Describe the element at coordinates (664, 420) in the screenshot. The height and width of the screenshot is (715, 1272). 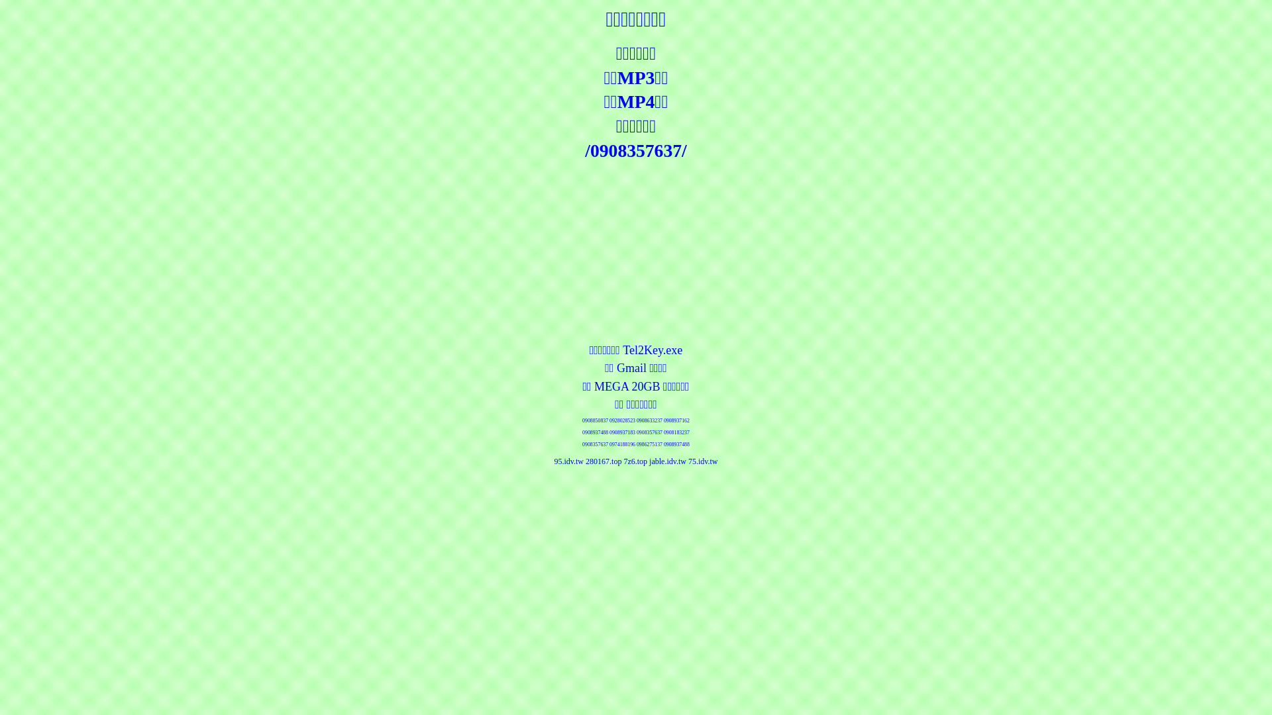
I see `'0908937162'` at that location.